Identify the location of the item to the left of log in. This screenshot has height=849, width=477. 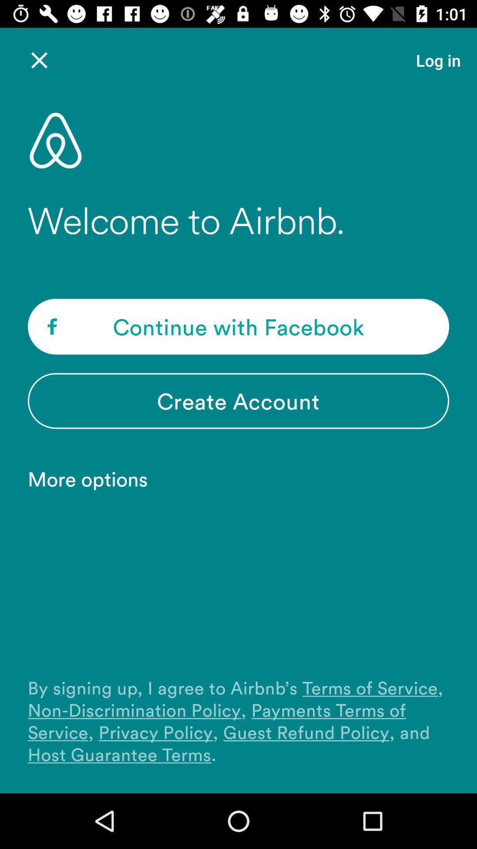
(39, 60).